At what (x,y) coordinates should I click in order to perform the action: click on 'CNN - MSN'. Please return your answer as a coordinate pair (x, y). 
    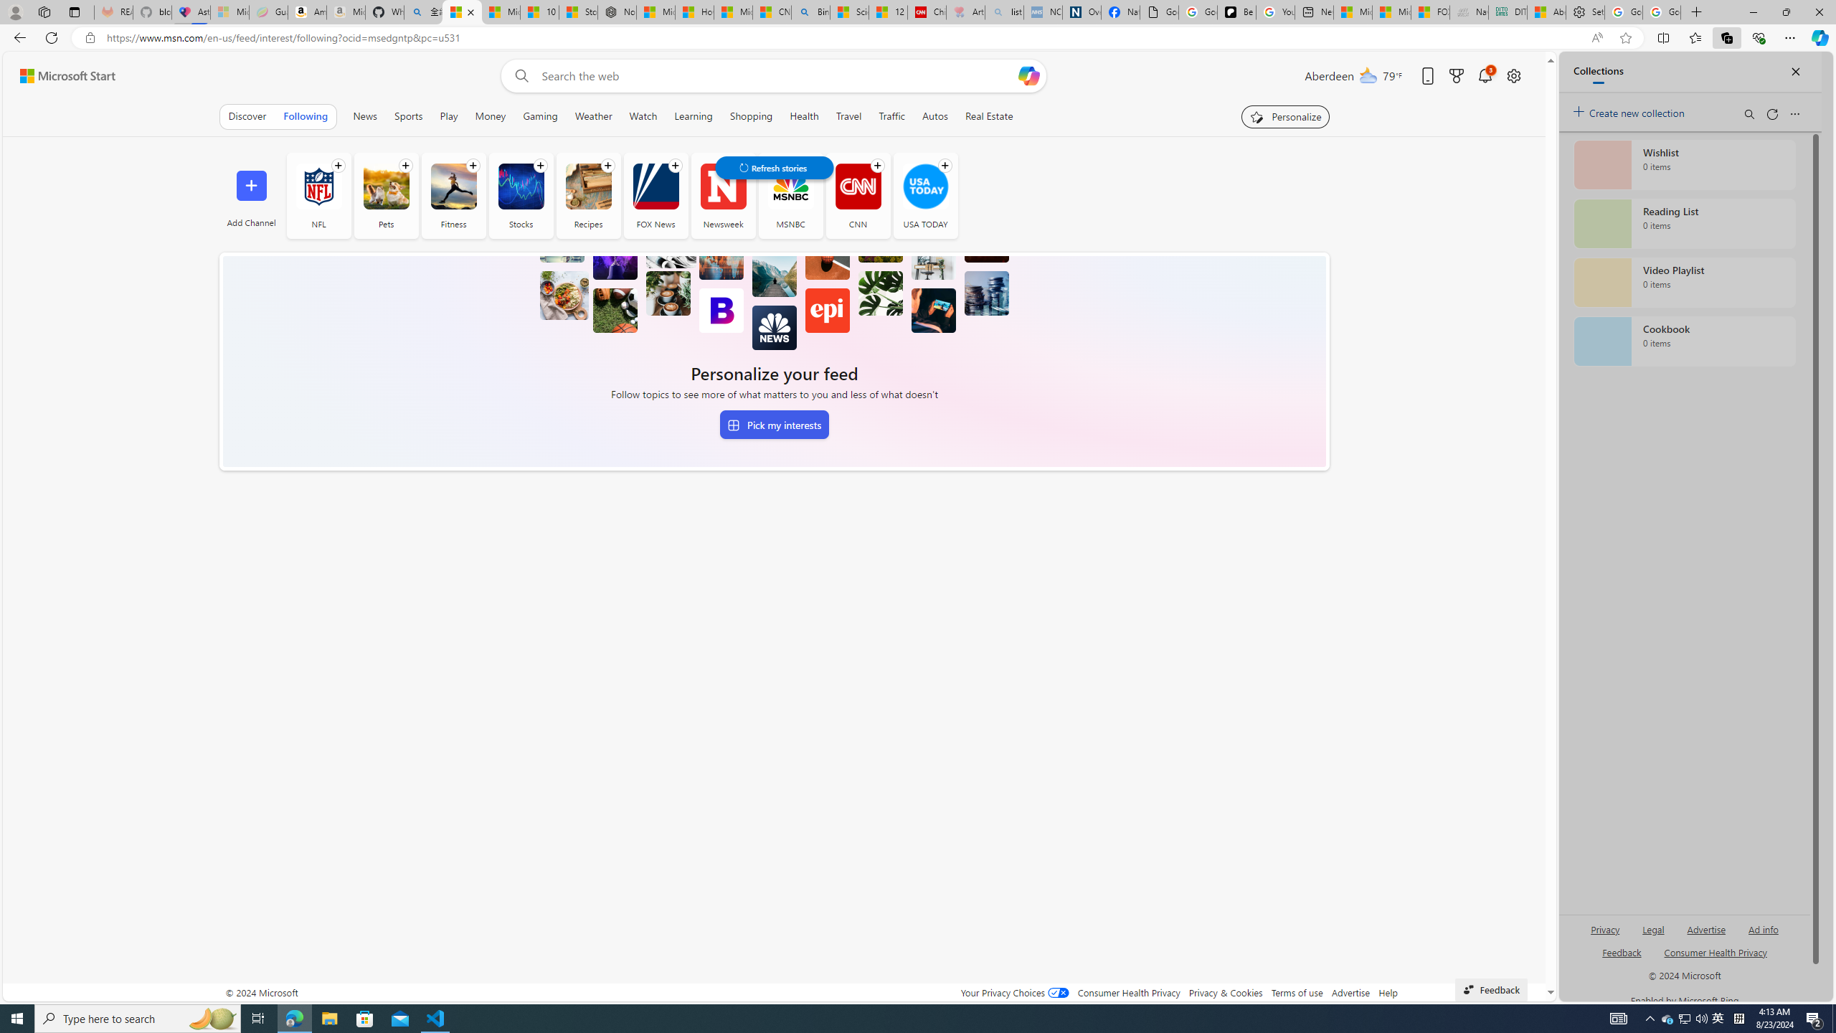
    Looking at the image, I should click on (772, 11).